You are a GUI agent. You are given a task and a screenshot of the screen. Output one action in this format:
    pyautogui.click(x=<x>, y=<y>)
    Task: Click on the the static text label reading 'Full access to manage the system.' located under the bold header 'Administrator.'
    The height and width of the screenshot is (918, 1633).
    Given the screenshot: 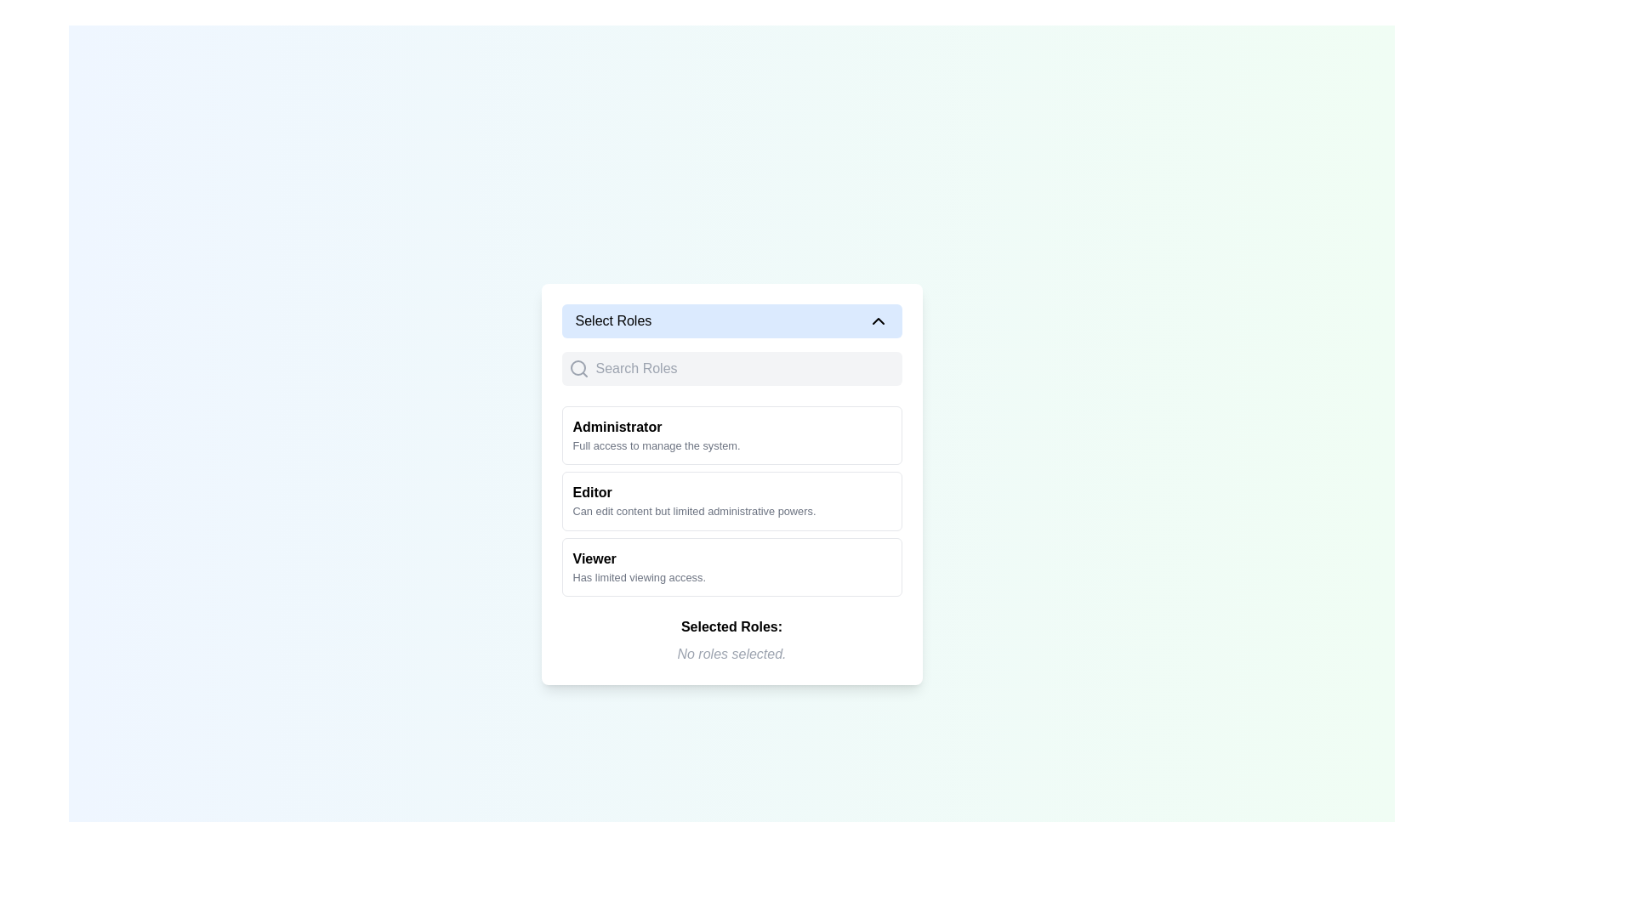 What is the action you would take?
    pyautogui.click(x=656, y=445)
    